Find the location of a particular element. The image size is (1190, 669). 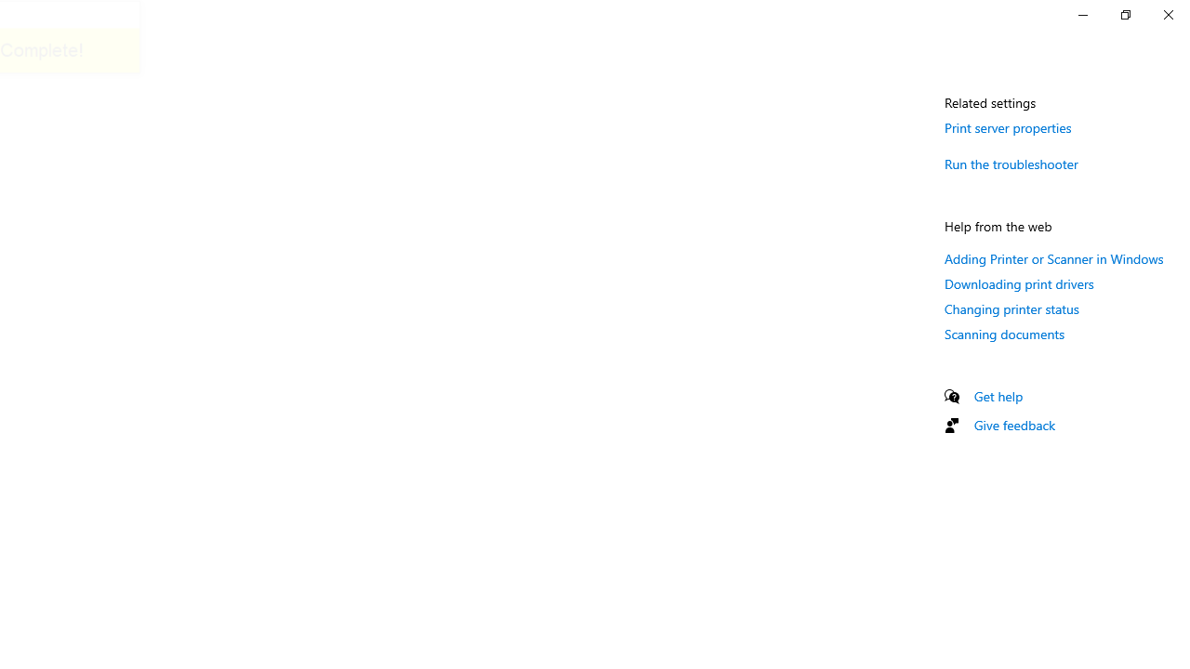

'Run the troubleshooter' is located at coordinates (1011, 163).